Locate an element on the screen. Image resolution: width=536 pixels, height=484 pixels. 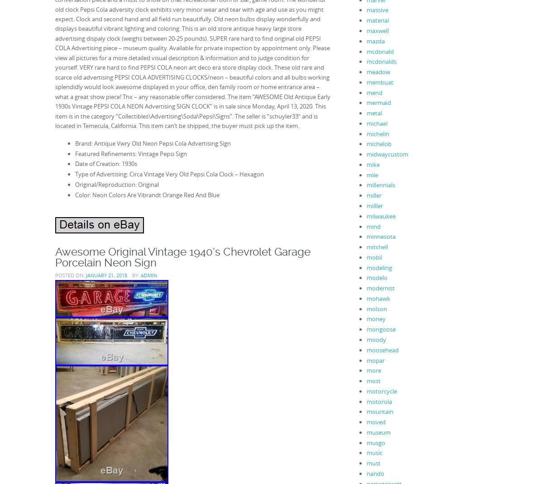
'maxwell' is located at coordinates (377, 30).